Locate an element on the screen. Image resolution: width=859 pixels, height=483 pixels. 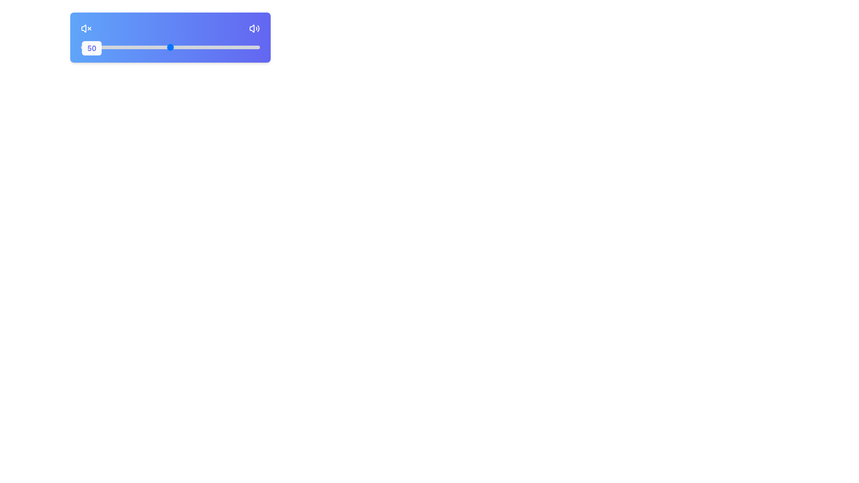
the slider is located at coordinates (211, 47).